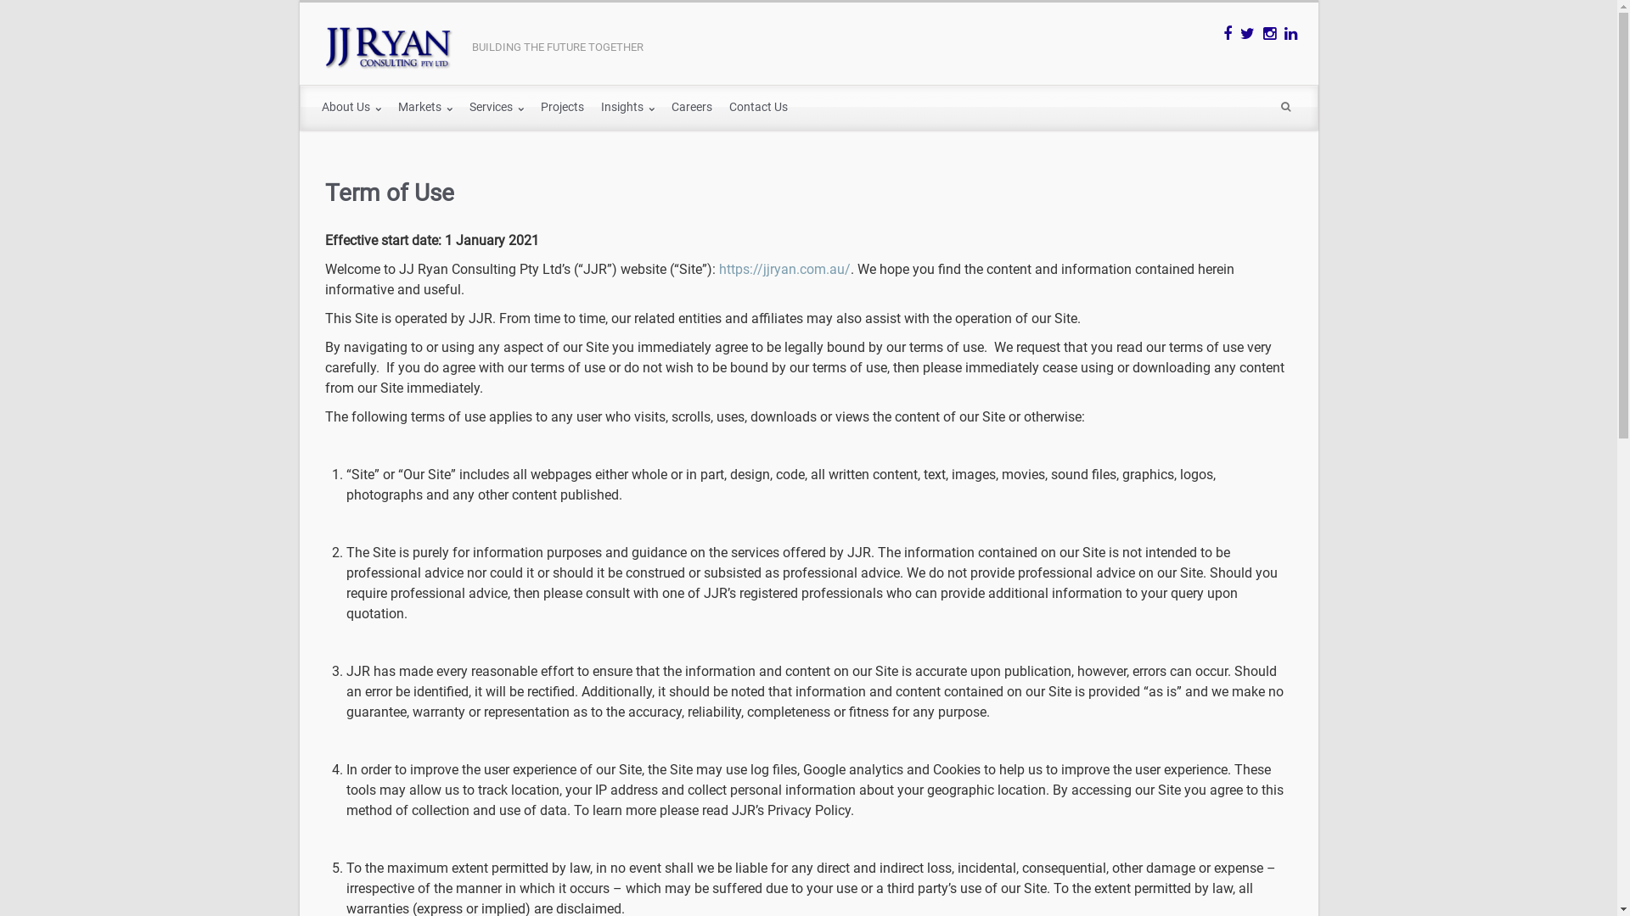 The width and height of the screenshot is (1630, 916). Describe the element at coordinates (783, 268) in the screenshot. I see `'https://jjryan.com.au/'` at that location.